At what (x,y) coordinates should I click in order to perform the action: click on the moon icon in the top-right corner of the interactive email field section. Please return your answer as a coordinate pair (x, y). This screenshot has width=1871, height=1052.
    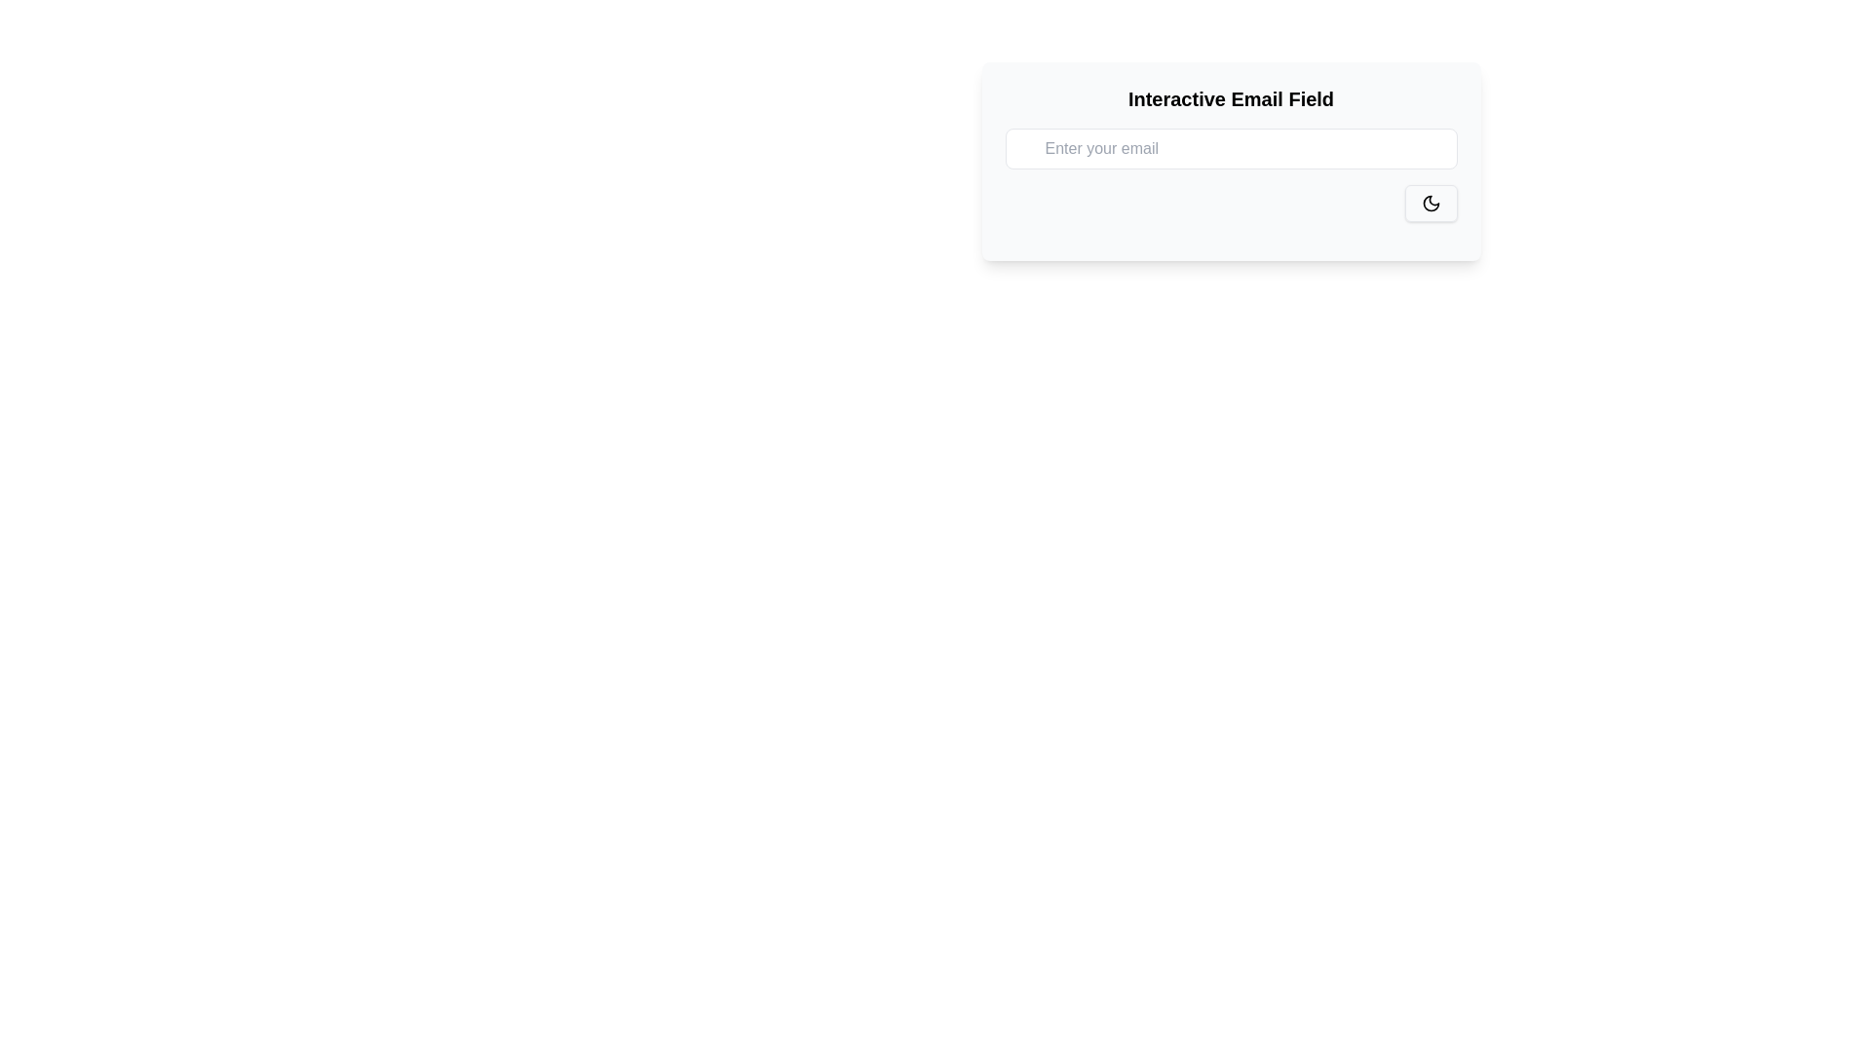
    Looking at the image, I should click on (1431, 203).